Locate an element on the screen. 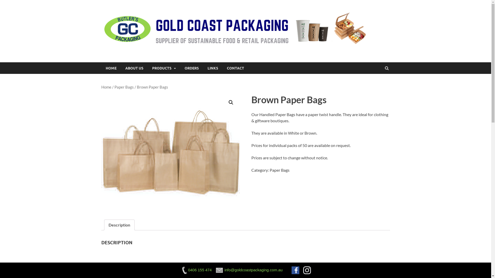 The width and height of the screenshot is (495, 278). 'Home' is located at coordinates (106, 87).